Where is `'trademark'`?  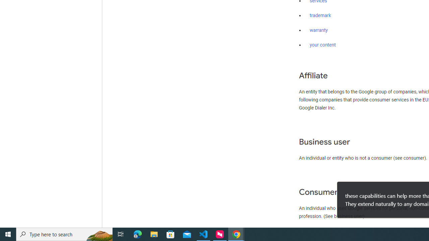 'trademark' is located at coordinates (320, 15).